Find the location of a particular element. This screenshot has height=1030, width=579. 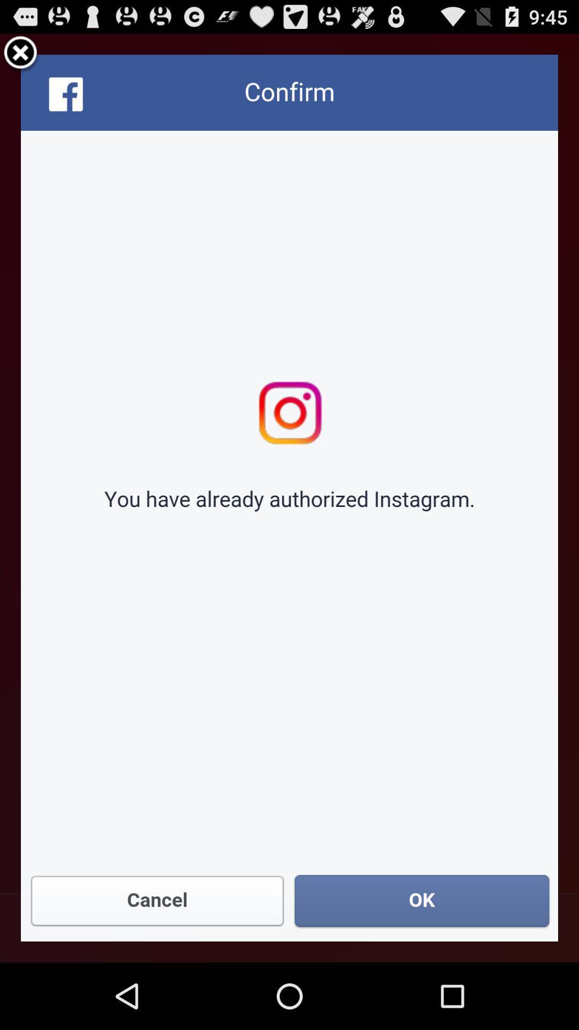

confirm window is located at coordinates (289, 497).